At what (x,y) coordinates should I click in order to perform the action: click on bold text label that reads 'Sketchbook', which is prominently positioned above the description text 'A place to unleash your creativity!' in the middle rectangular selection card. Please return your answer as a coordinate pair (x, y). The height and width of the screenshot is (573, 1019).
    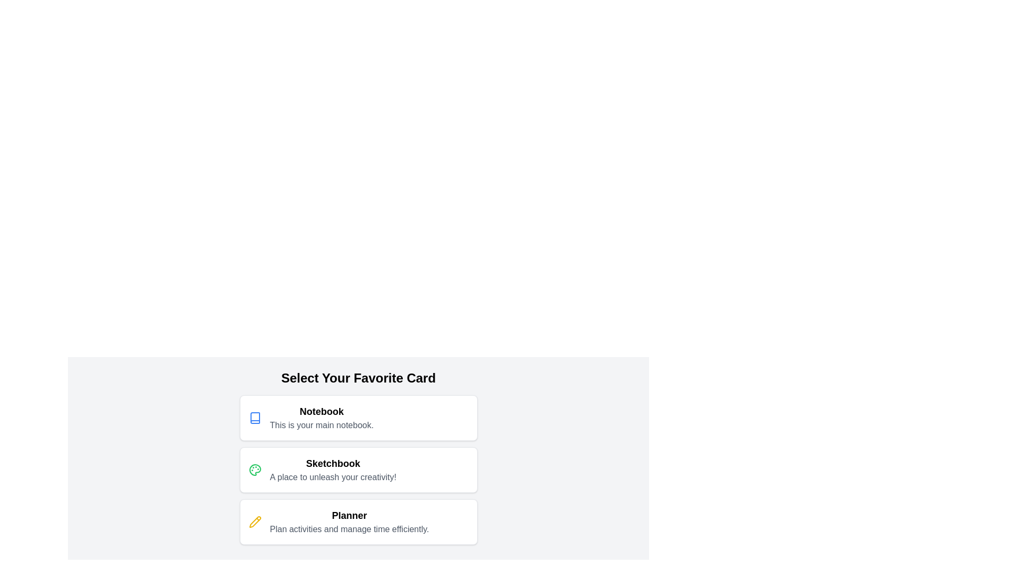
    Looking at the image, I should click on (332, 463).